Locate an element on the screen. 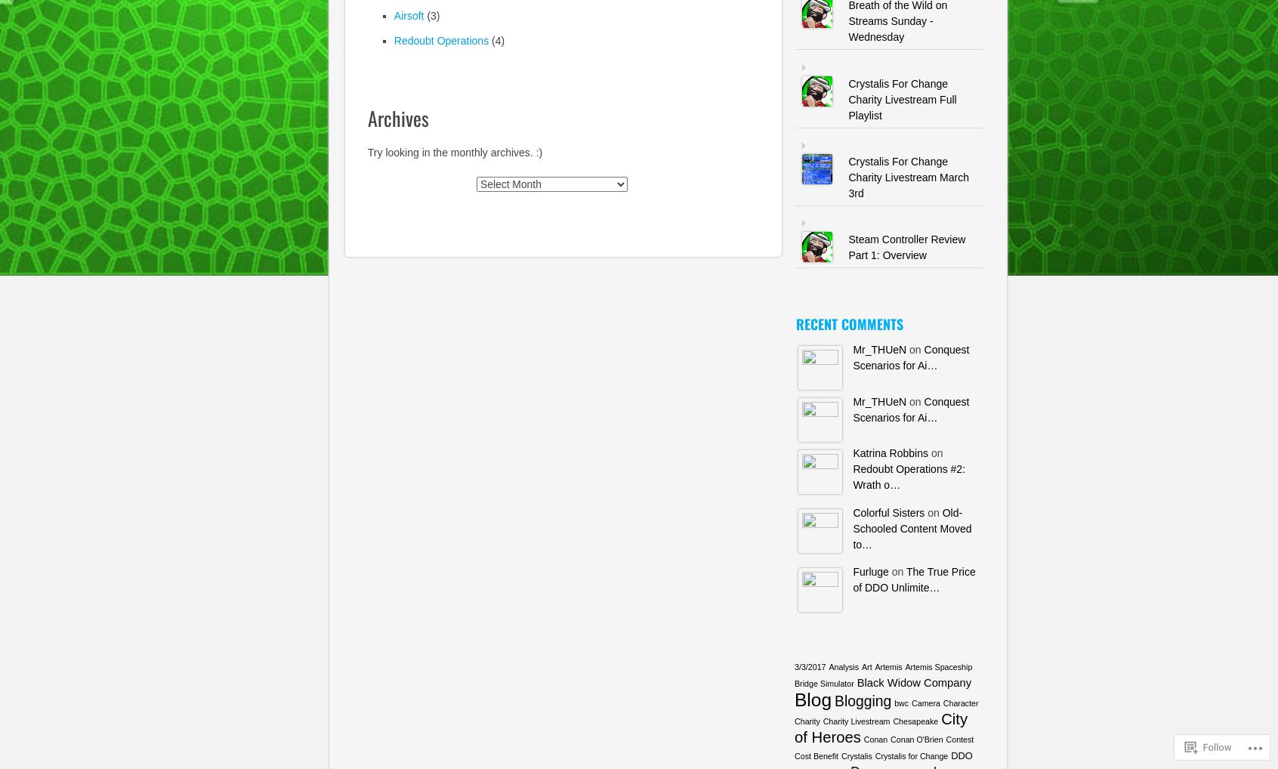  'Colorful Sisters' is located at coordinates (852, 511).